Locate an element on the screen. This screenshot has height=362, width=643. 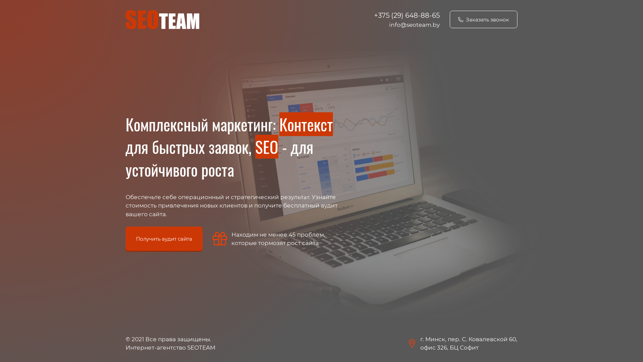
'+375 (29) 648-88-65' is located at coordinates (406, 15).